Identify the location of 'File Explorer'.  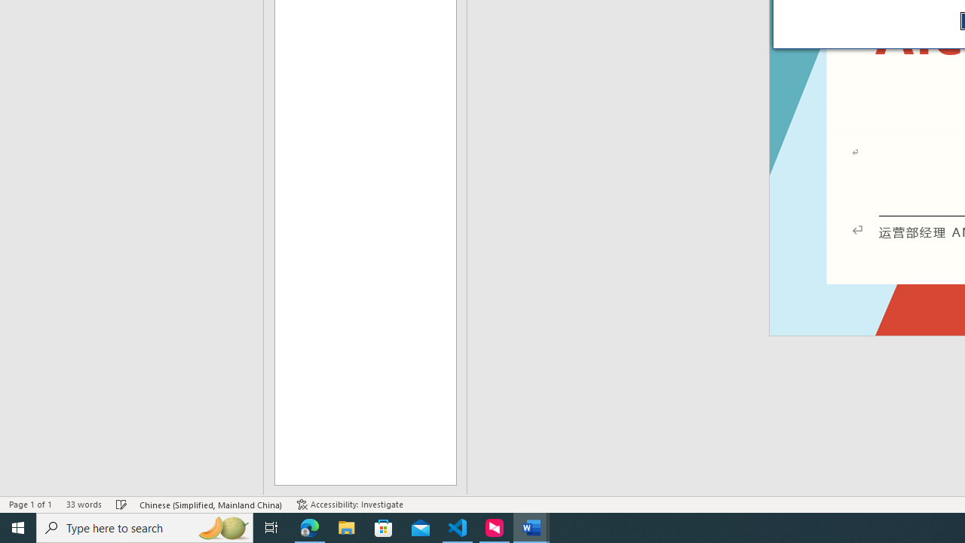
(346, 526).